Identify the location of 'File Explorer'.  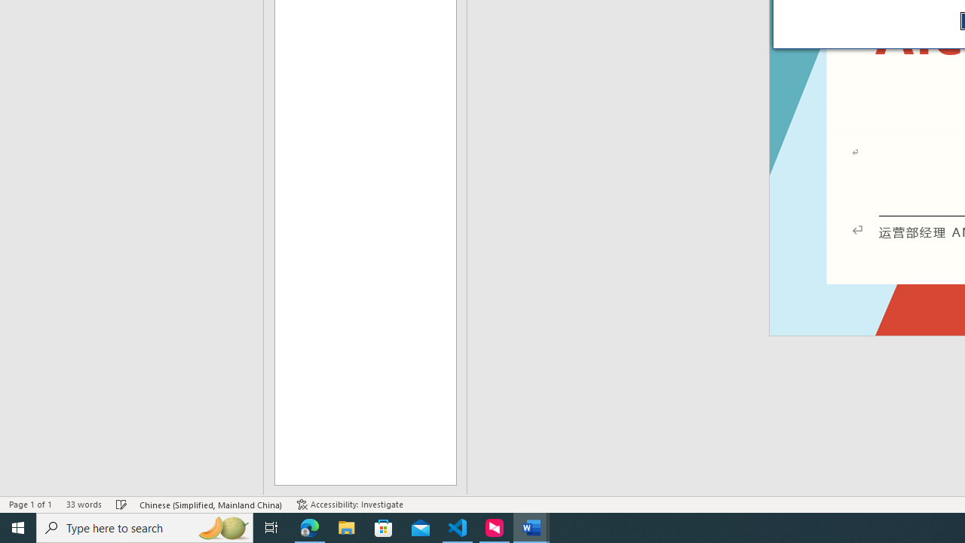
(346, 526).